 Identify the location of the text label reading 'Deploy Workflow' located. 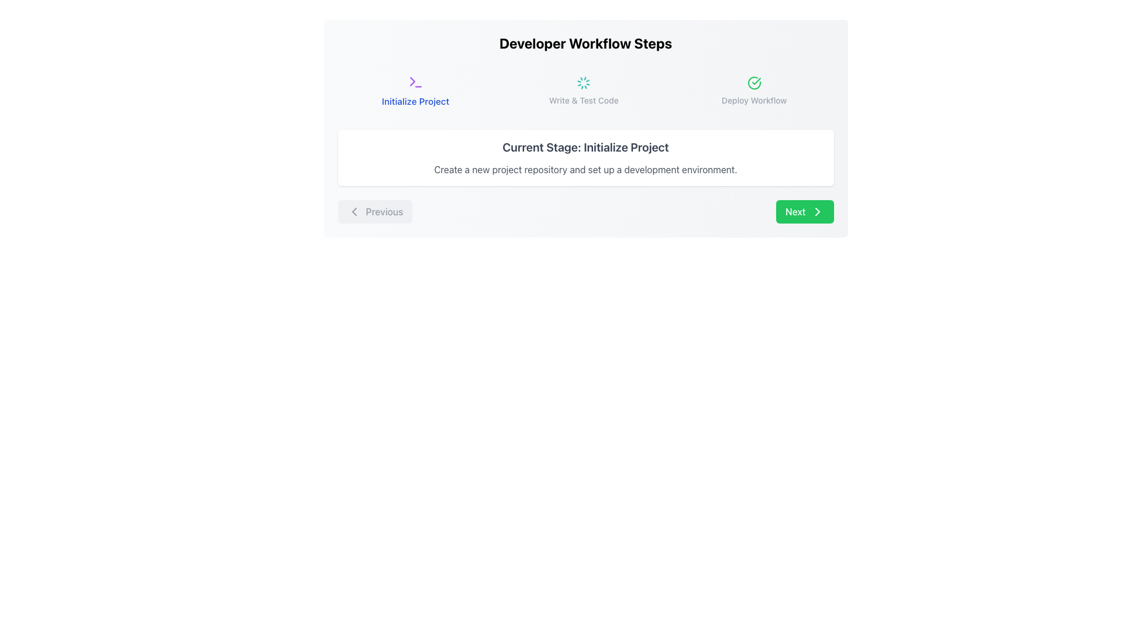
(754, 100).